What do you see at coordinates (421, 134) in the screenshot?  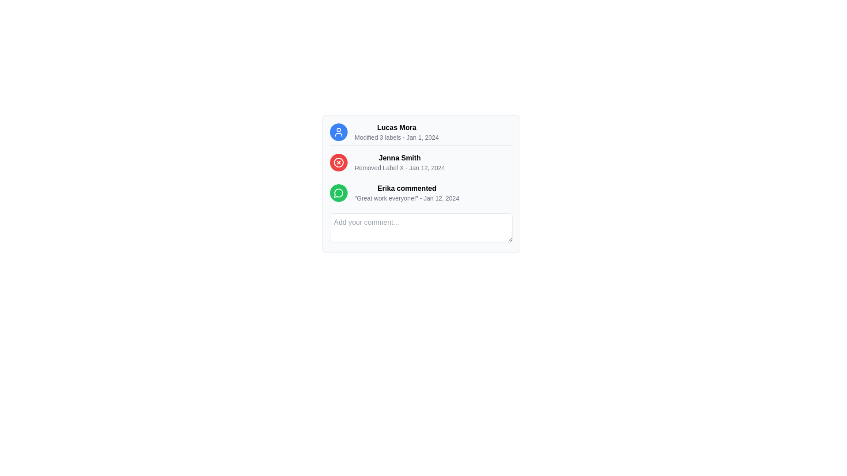 I see `the user activity log entry showing edited labels by 'Lucas Mora' on January 1, 2024` at bounding box center [421, 134].